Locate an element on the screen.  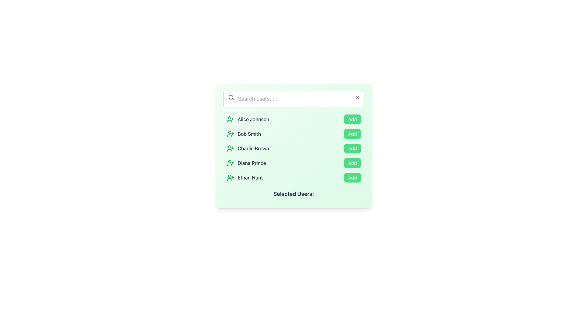
the user name label displaying 'Diana Prince' in dark font, which is the fourth item in a vertical list of user entries is located at coordinates (246, 162).